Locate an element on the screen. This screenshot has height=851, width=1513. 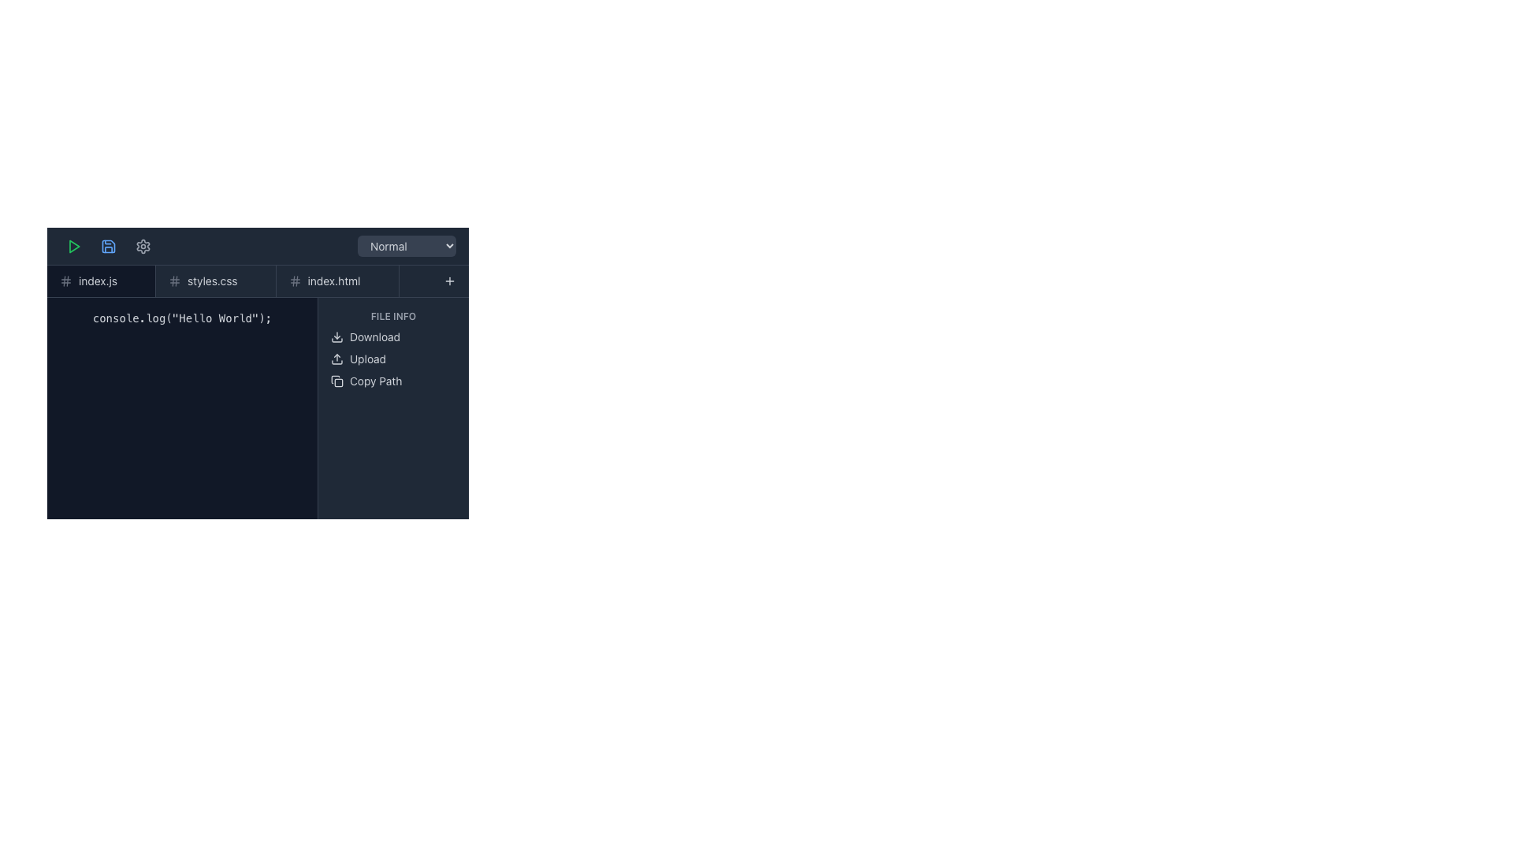
the interactive icon indicating special status related to the 'styles.css' file, located at the left end of the 'styles.css' tab in the header section is located at coordinates (174, 281).